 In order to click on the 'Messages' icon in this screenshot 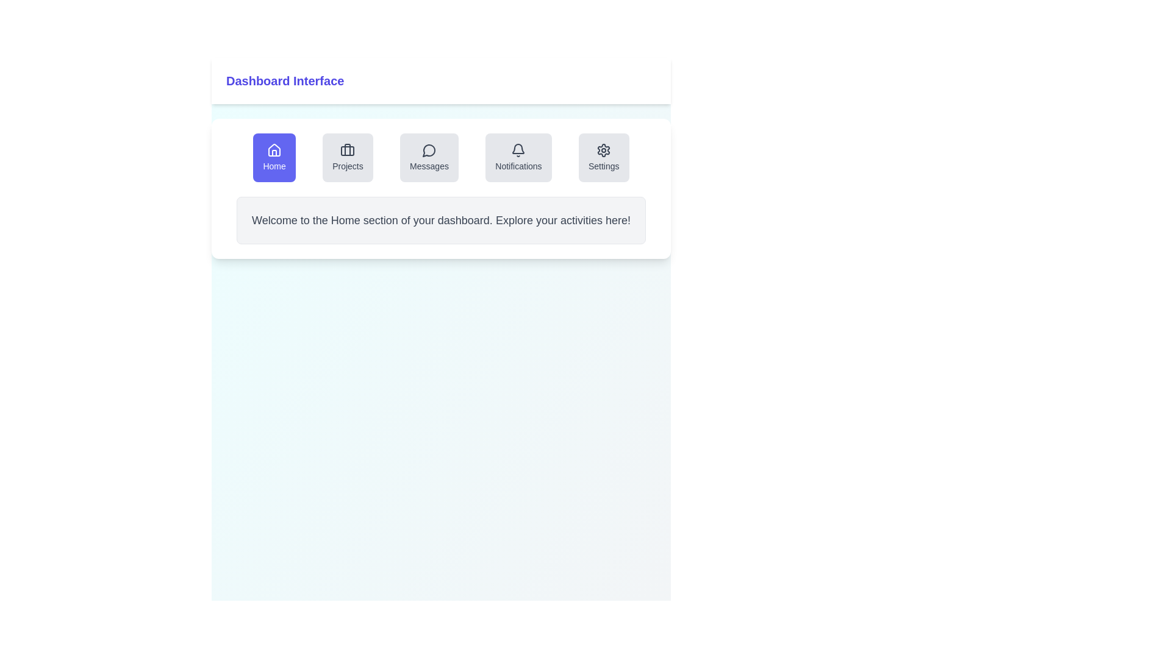, I will do `click(429, 149)`.